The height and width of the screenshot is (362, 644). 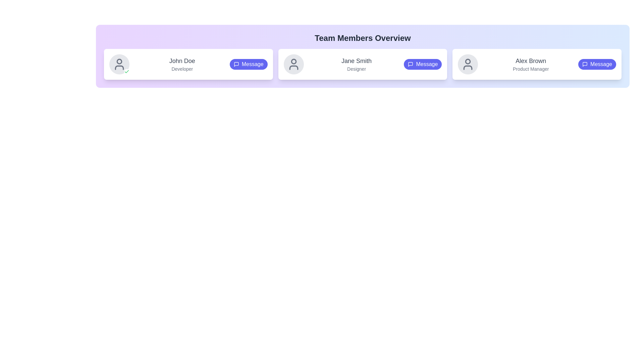 What do you see at coordinates (119, 64) in the screenshot?
I see `the user profile SVG icon, which is a minimalistic representation with a circular head and torso, located within the leftmost card of team members` at bounding box center [119, 64].